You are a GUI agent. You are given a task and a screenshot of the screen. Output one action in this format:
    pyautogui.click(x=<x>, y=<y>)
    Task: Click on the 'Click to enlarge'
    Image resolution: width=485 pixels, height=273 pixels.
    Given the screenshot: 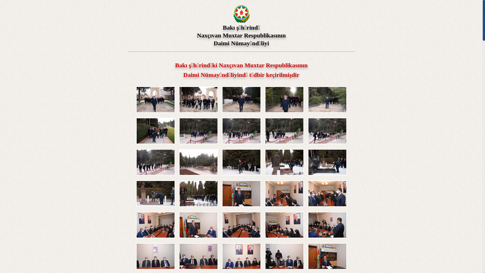 What is the action you would take?
    pyautogui.click(x=264, y=225)
    